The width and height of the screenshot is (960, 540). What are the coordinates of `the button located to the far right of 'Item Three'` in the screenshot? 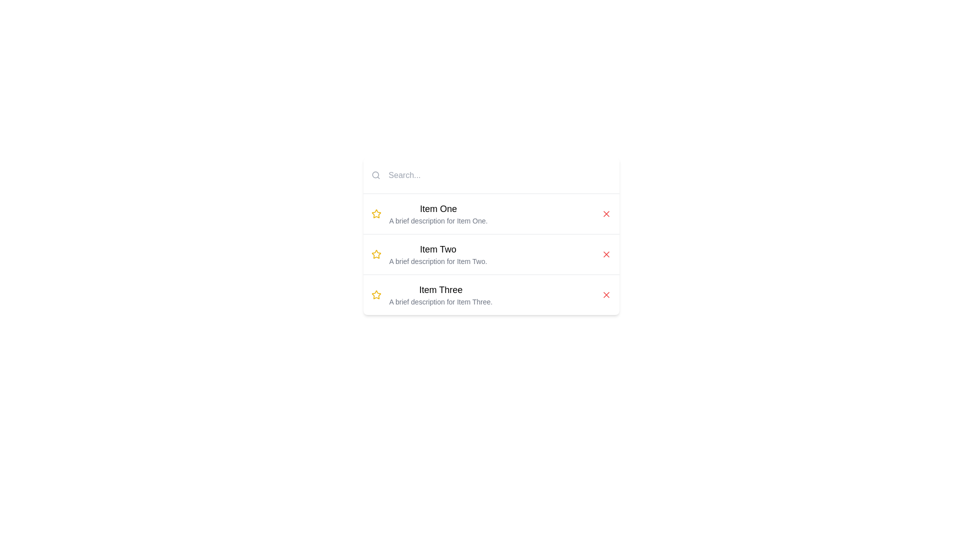 It's located at (605, 294).